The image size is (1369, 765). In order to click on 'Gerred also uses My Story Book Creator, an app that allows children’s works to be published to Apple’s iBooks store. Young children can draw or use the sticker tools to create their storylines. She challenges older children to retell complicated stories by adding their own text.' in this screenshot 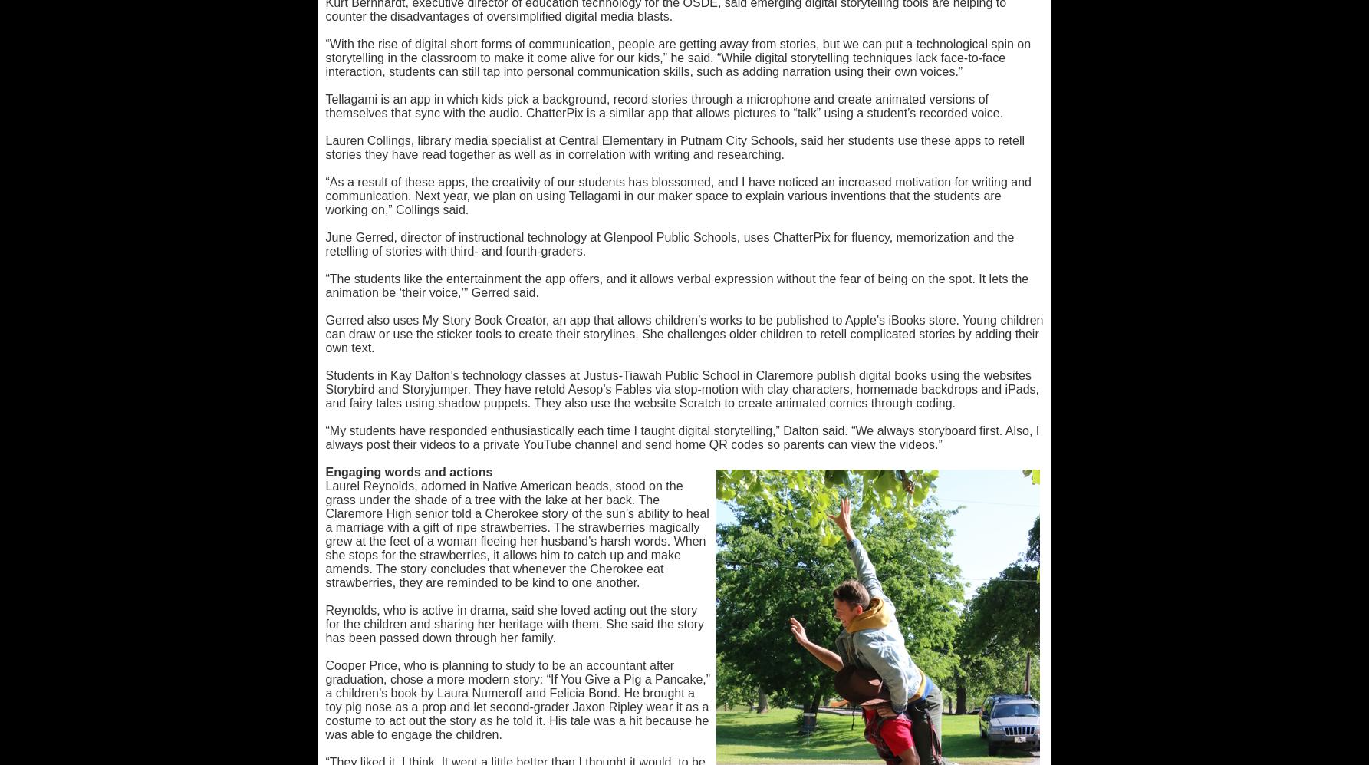, I will do `click(683, 333)`.